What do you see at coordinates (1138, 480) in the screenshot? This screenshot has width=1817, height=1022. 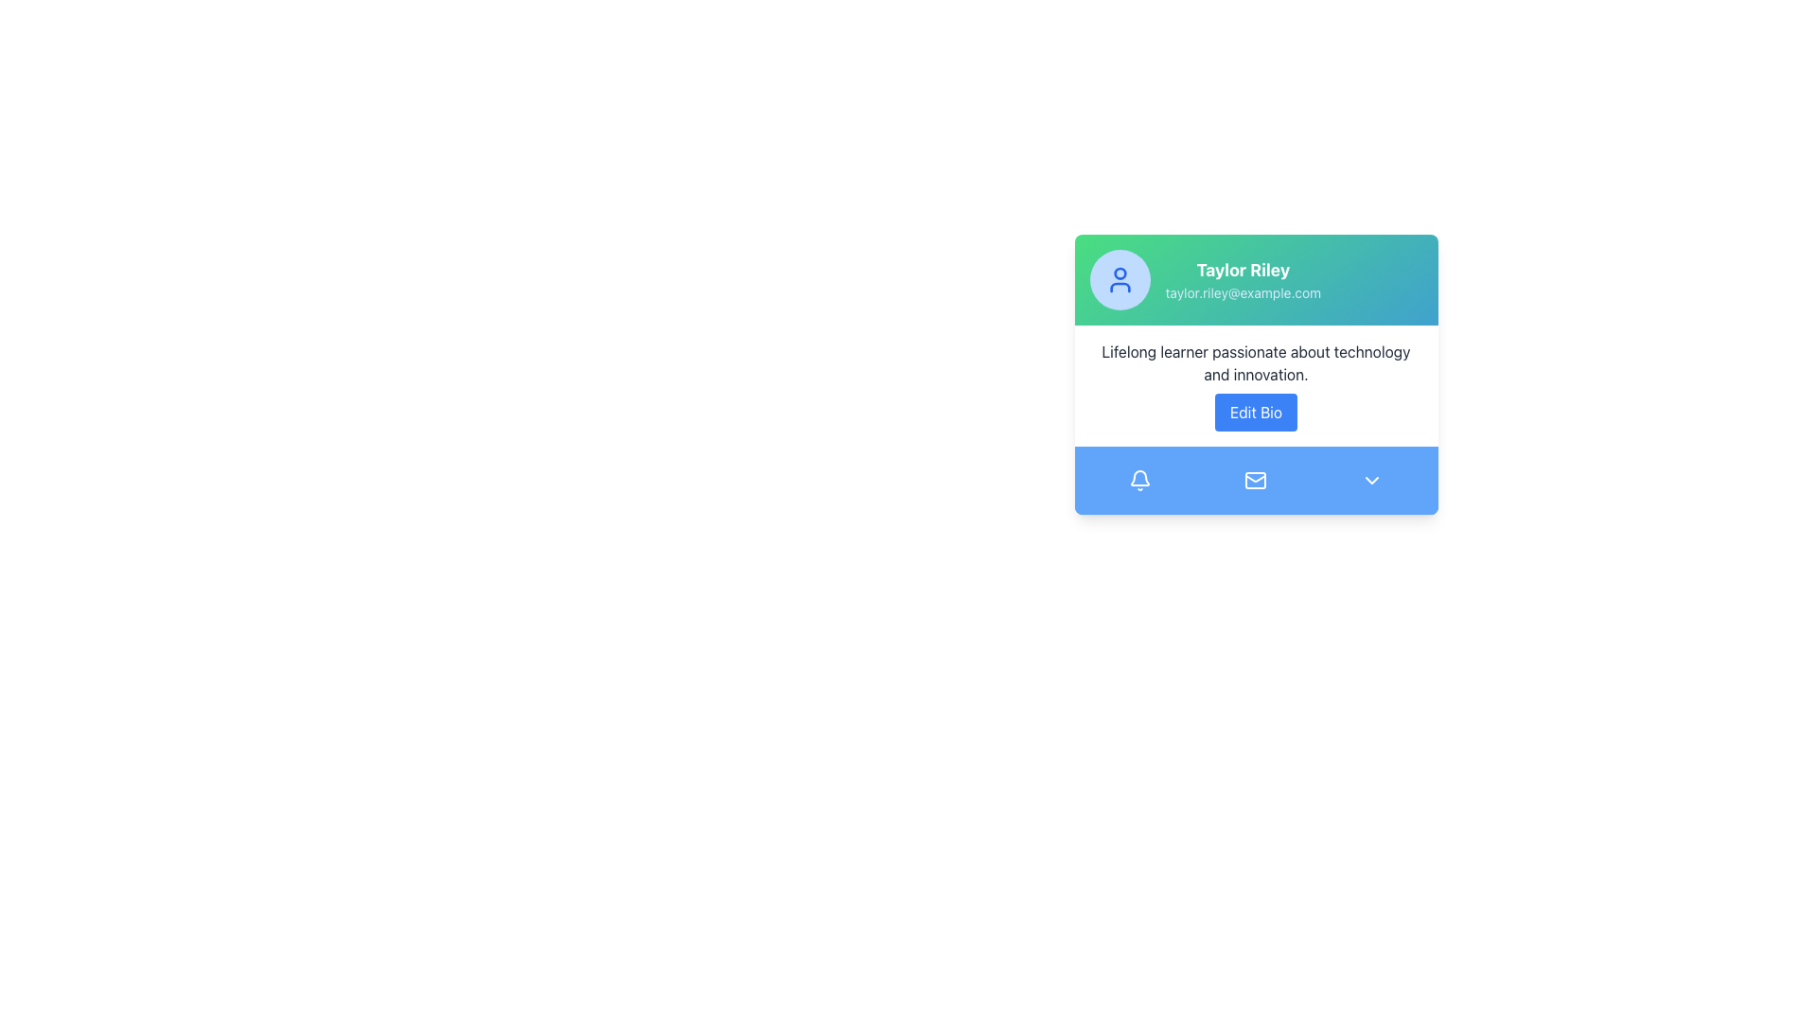 I see `the leftmost circular button with a blue background and a white outlined bell icon located at the bottom section of the card interface` at bounding box center [1138, 480].